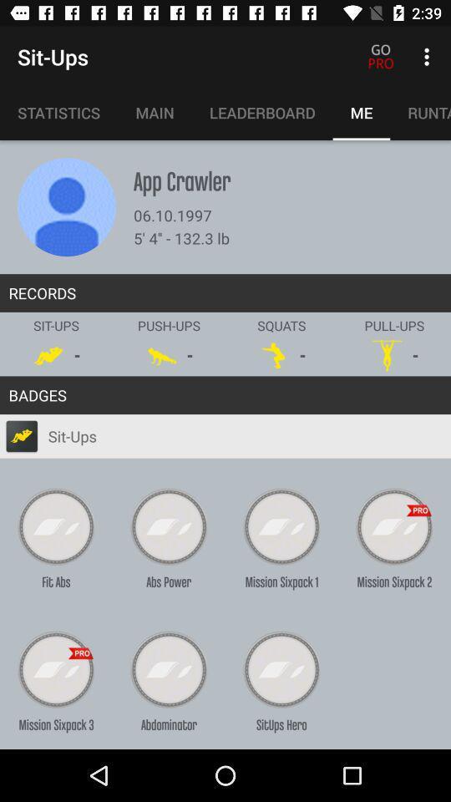 This screenshot has height=802, width=451. Describe the element at coordinates (66, 206) in the screenshot. I see `edit profile picture` at that location.